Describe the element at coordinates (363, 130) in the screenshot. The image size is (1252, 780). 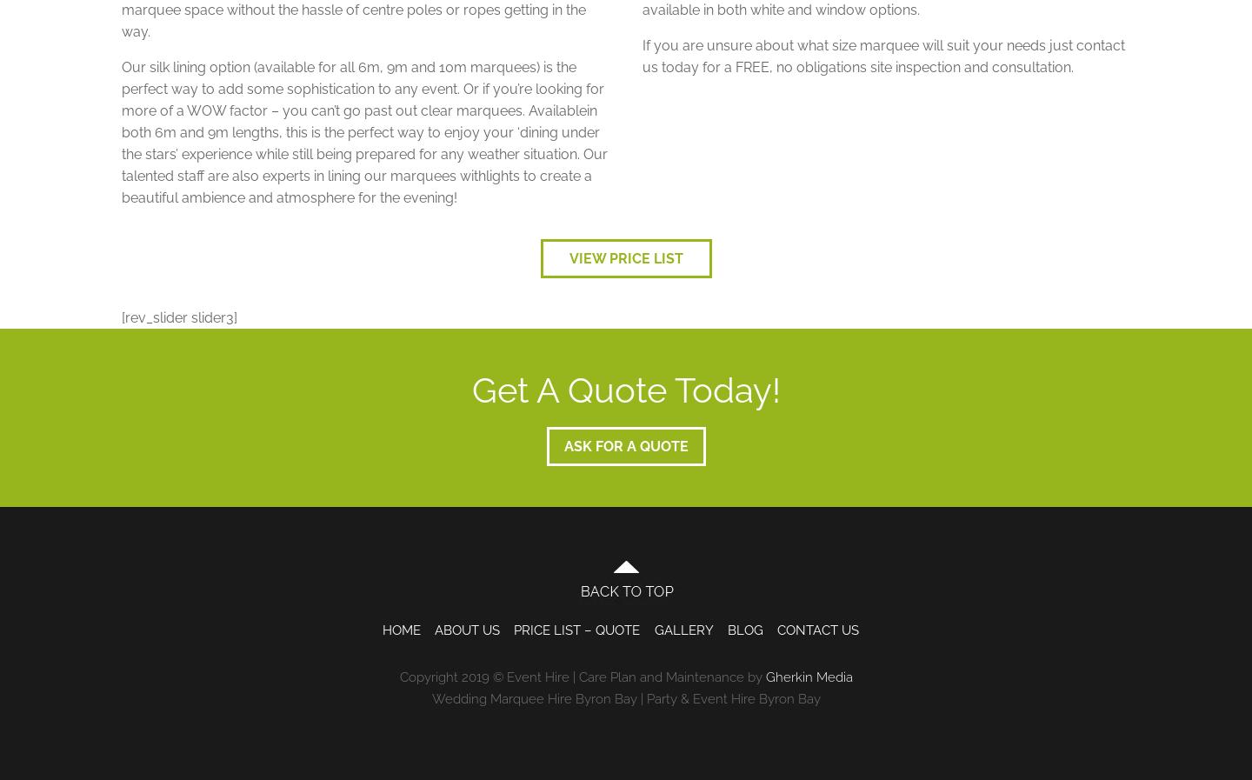
I see `'Our silk lining option (available for all 6m, 9m and 10m marquees) is the perfect way to add some sophistication to any event. Or if you’re looking for more of a WOW factor – you can’t go past out clear marquees. Availablein both 6m and 9m lengths, this is the perfect way to enjoy your ‘dining under the stars’ experience while still being prepared for any weather situation. Our talented staff are also experts in lining our marquees withlights to create a beautiful ambience and atmosphere for the evening!'` at that location.